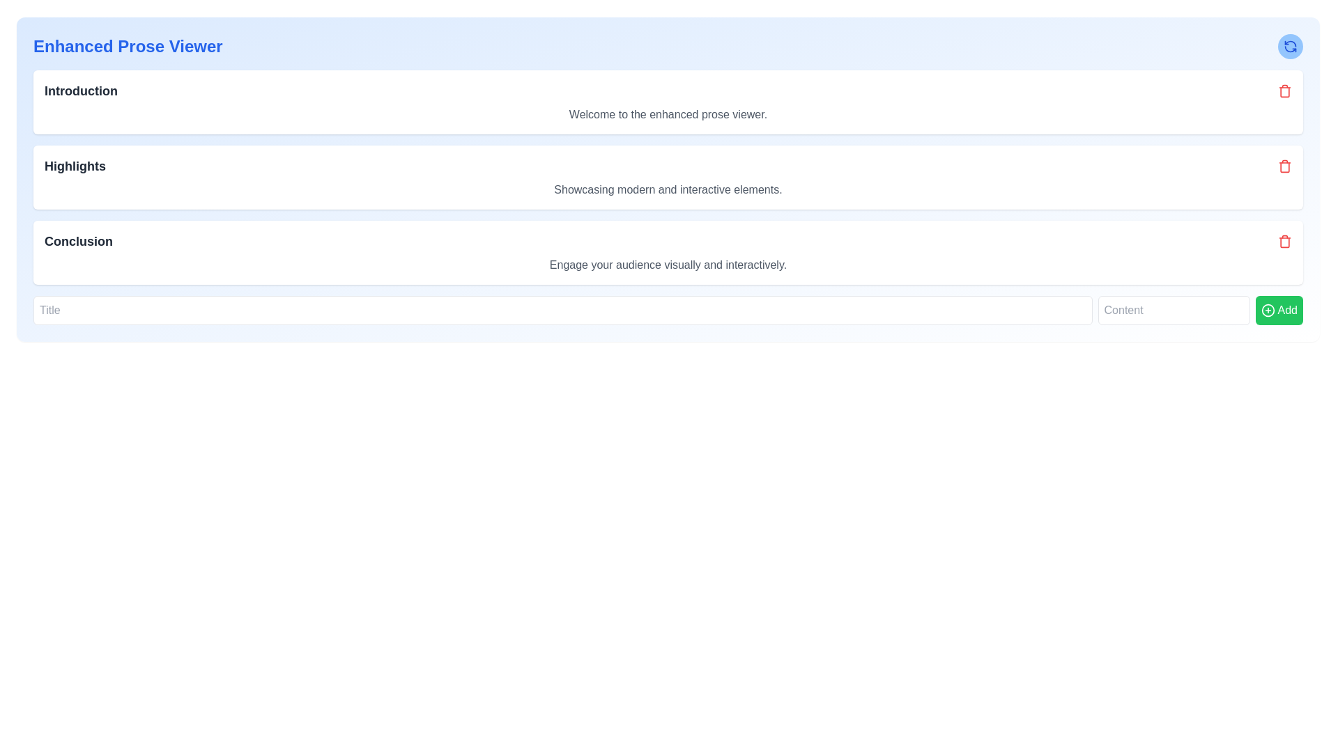  What do you see at coordinates (1284, 91) in the screenshot?
I see `the delete button located in the top-right corner of the 'Introduction' row` at bounding box center [1284, 91].